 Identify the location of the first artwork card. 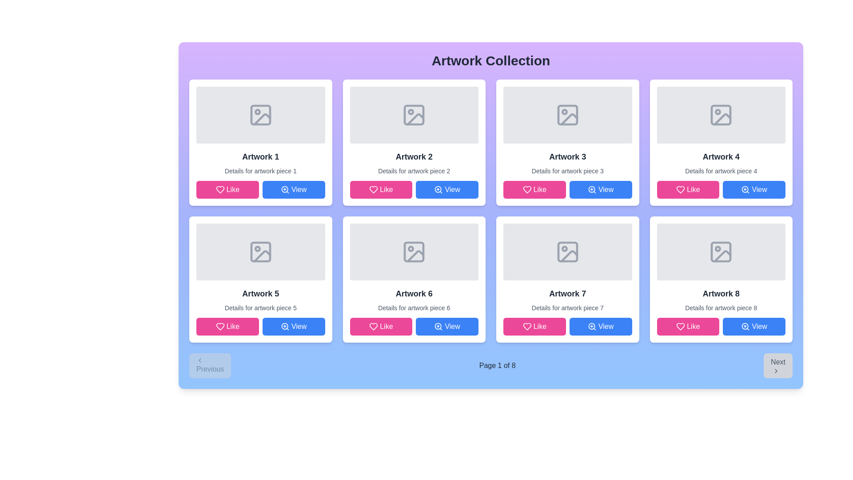
(260, 142).